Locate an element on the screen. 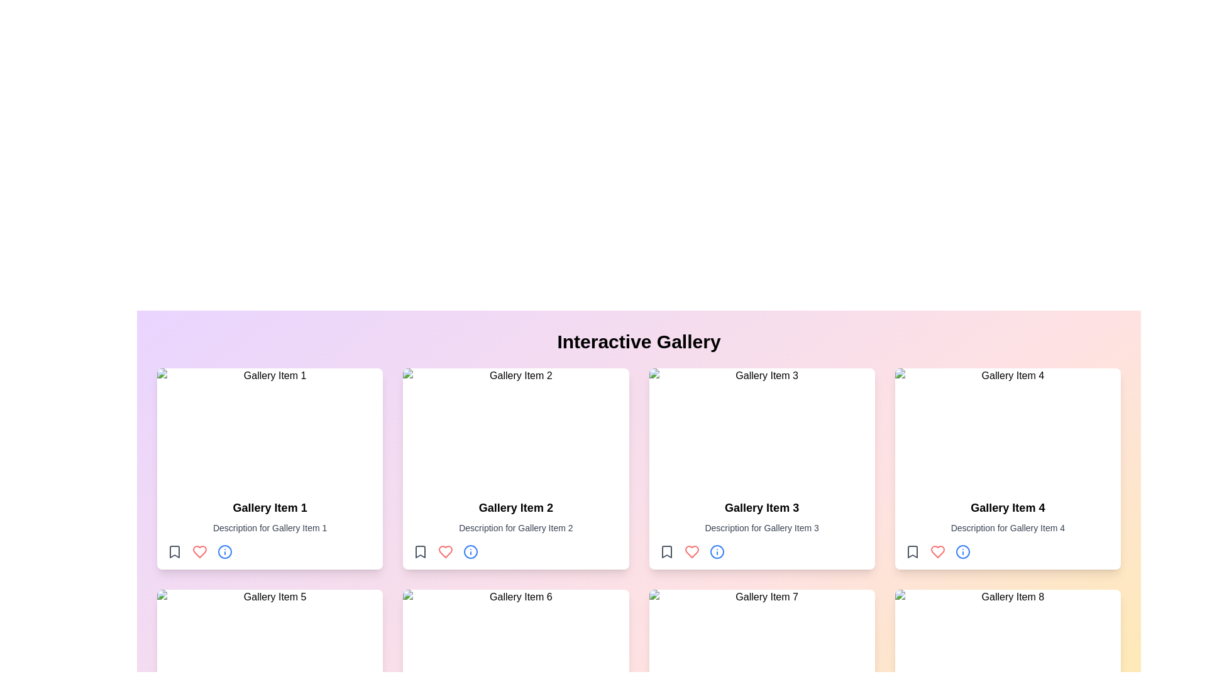 The width and height of the screenshot is (1207, 679). the favorite icon button located between the bookmark and information icons at the bottom of 'Gallery Item 4' is located at coordinates (937, 551).